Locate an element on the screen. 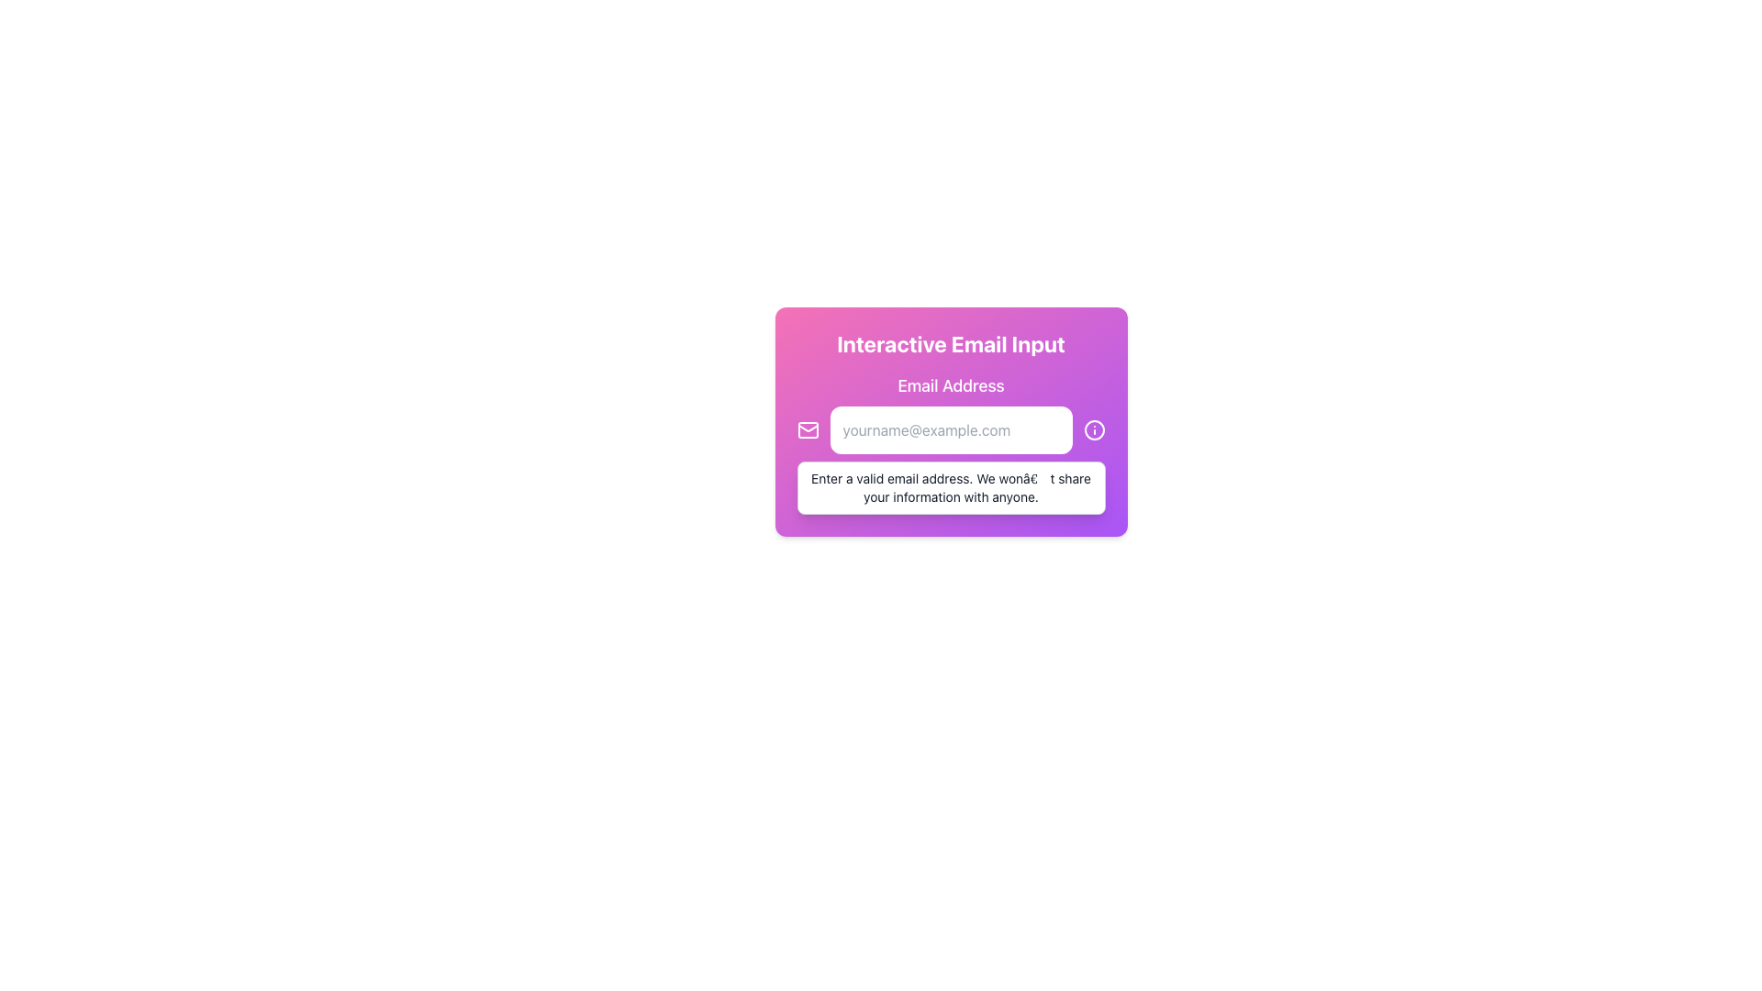  the help text area of the 'Interactive Email Input' panel, which contains the text 'Enter a valid email address. We won’t share your information with anyone.' is located at coordinates (951, 421).